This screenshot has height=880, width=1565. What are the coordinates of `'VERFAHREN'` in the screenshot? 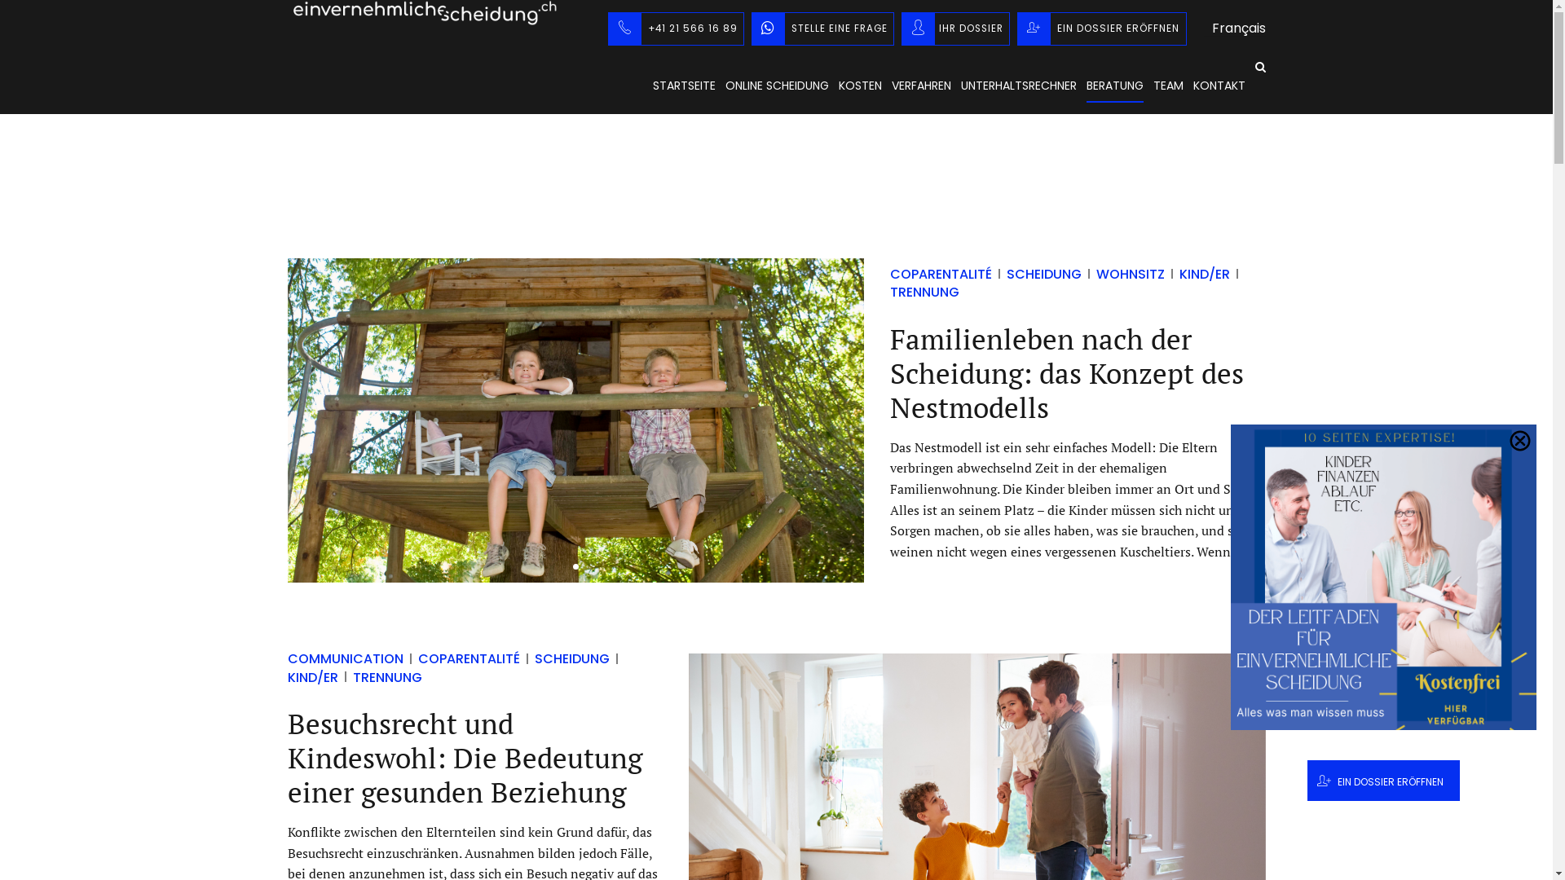 It's located at (891, 85).